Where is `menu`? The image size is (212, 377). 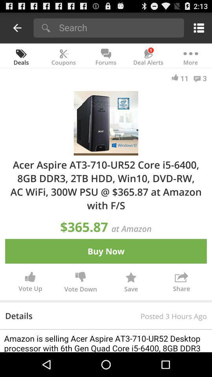 menu is located at coordinates (197, 27).